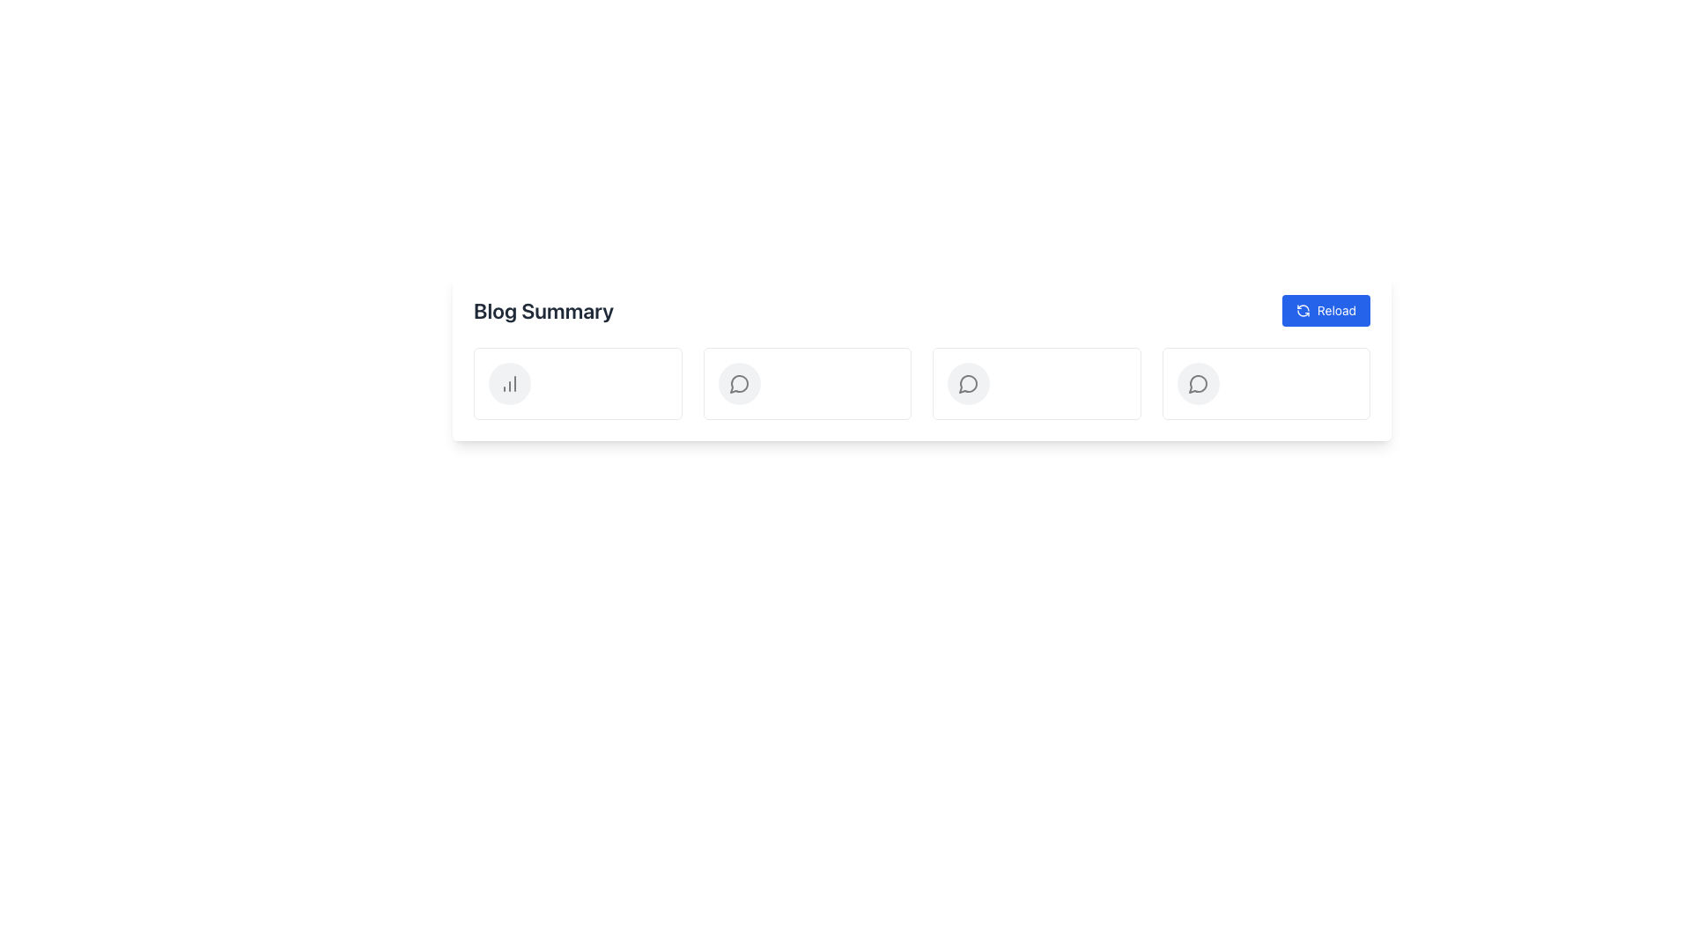 The width and height of the screenshot is (1691, 951). Describe the element at coordinates (509, 382) in the screenshot. I see `the circular button with a gray background and a bar chart icon, located to the left of three similar buttons next to the 'Blog Summary' section` at that location.